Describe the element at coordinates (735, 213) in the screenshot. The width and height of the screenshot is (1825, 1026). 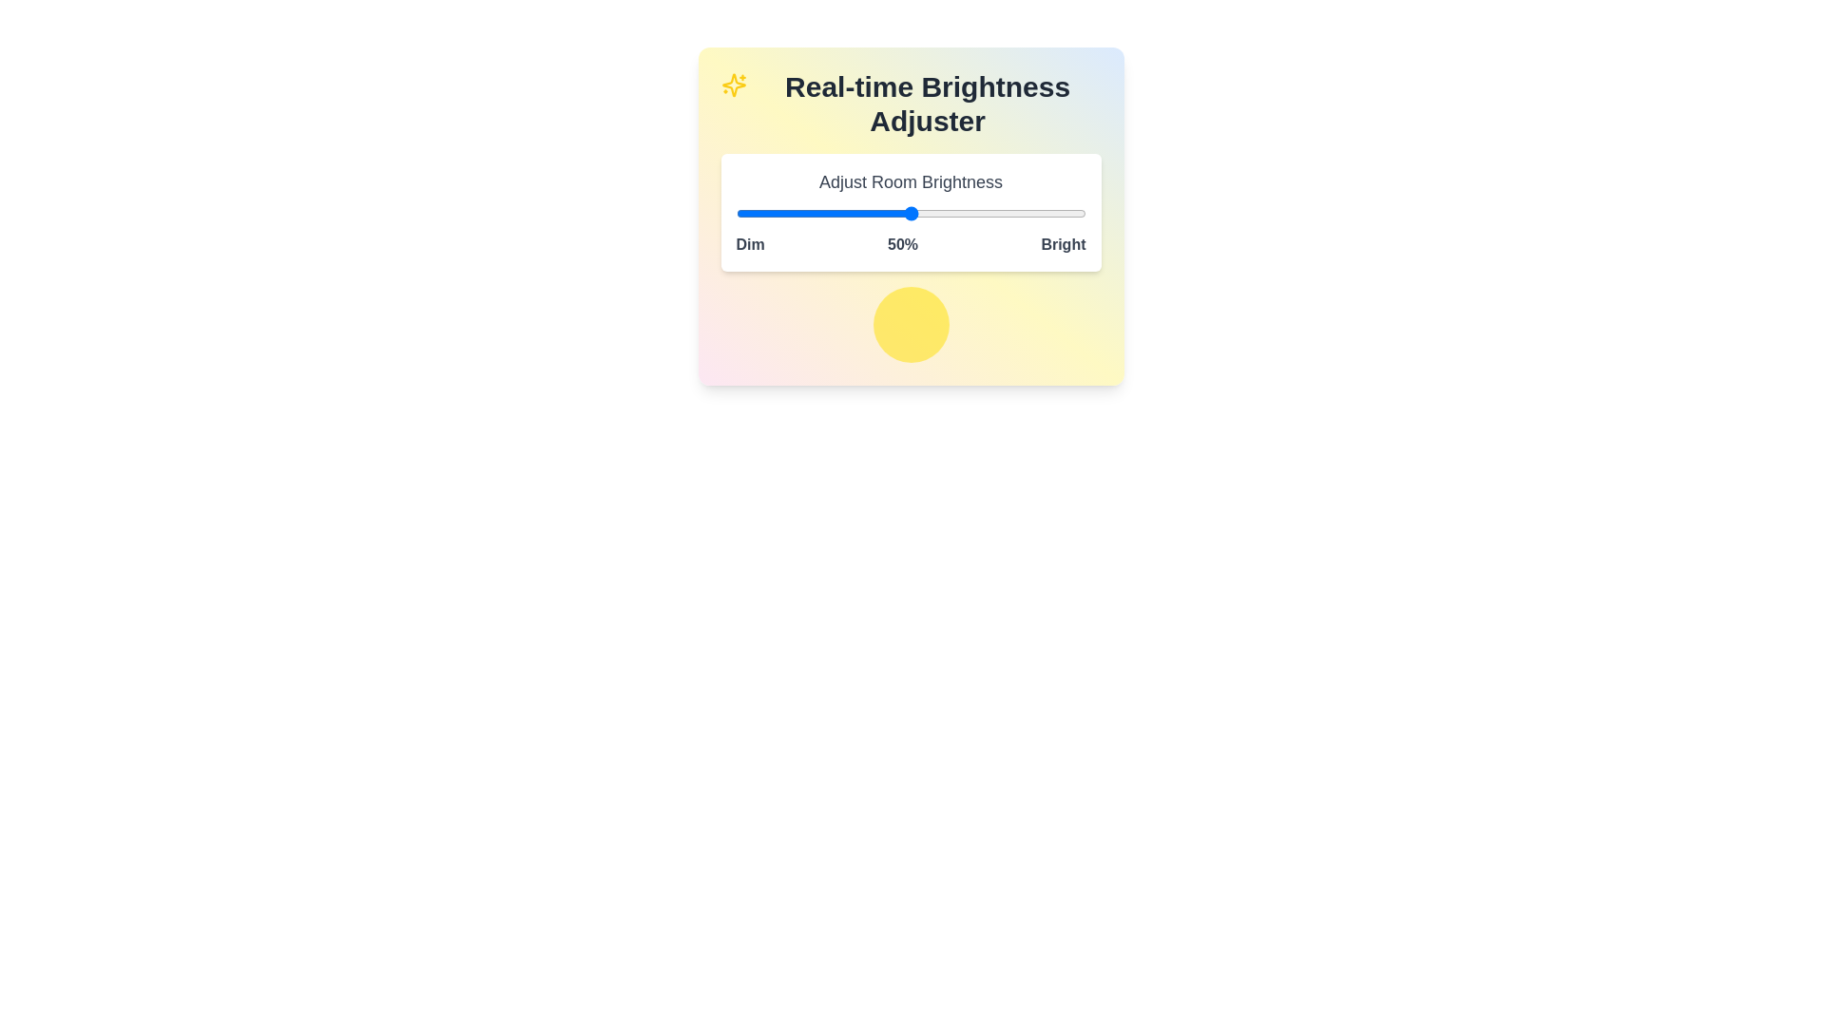
I see `the brightness slider to set the brightness level to 0%` at that location.